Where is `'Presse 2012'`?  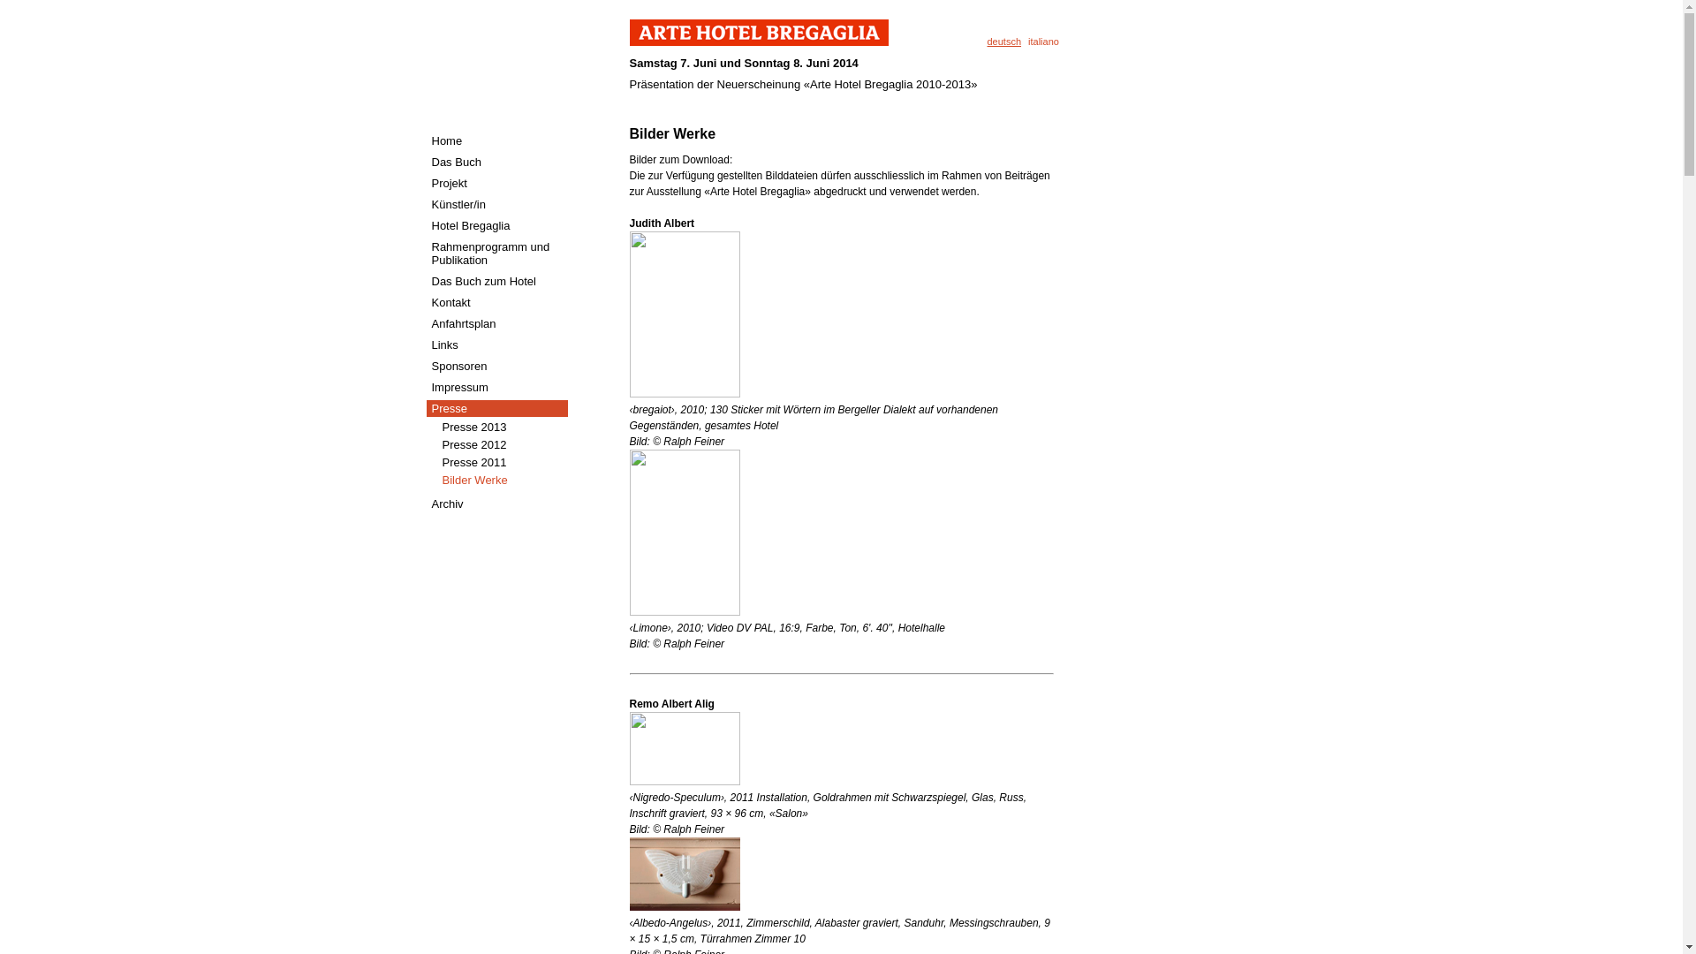
'Presse 2012' is located at coordinates (495, 443).